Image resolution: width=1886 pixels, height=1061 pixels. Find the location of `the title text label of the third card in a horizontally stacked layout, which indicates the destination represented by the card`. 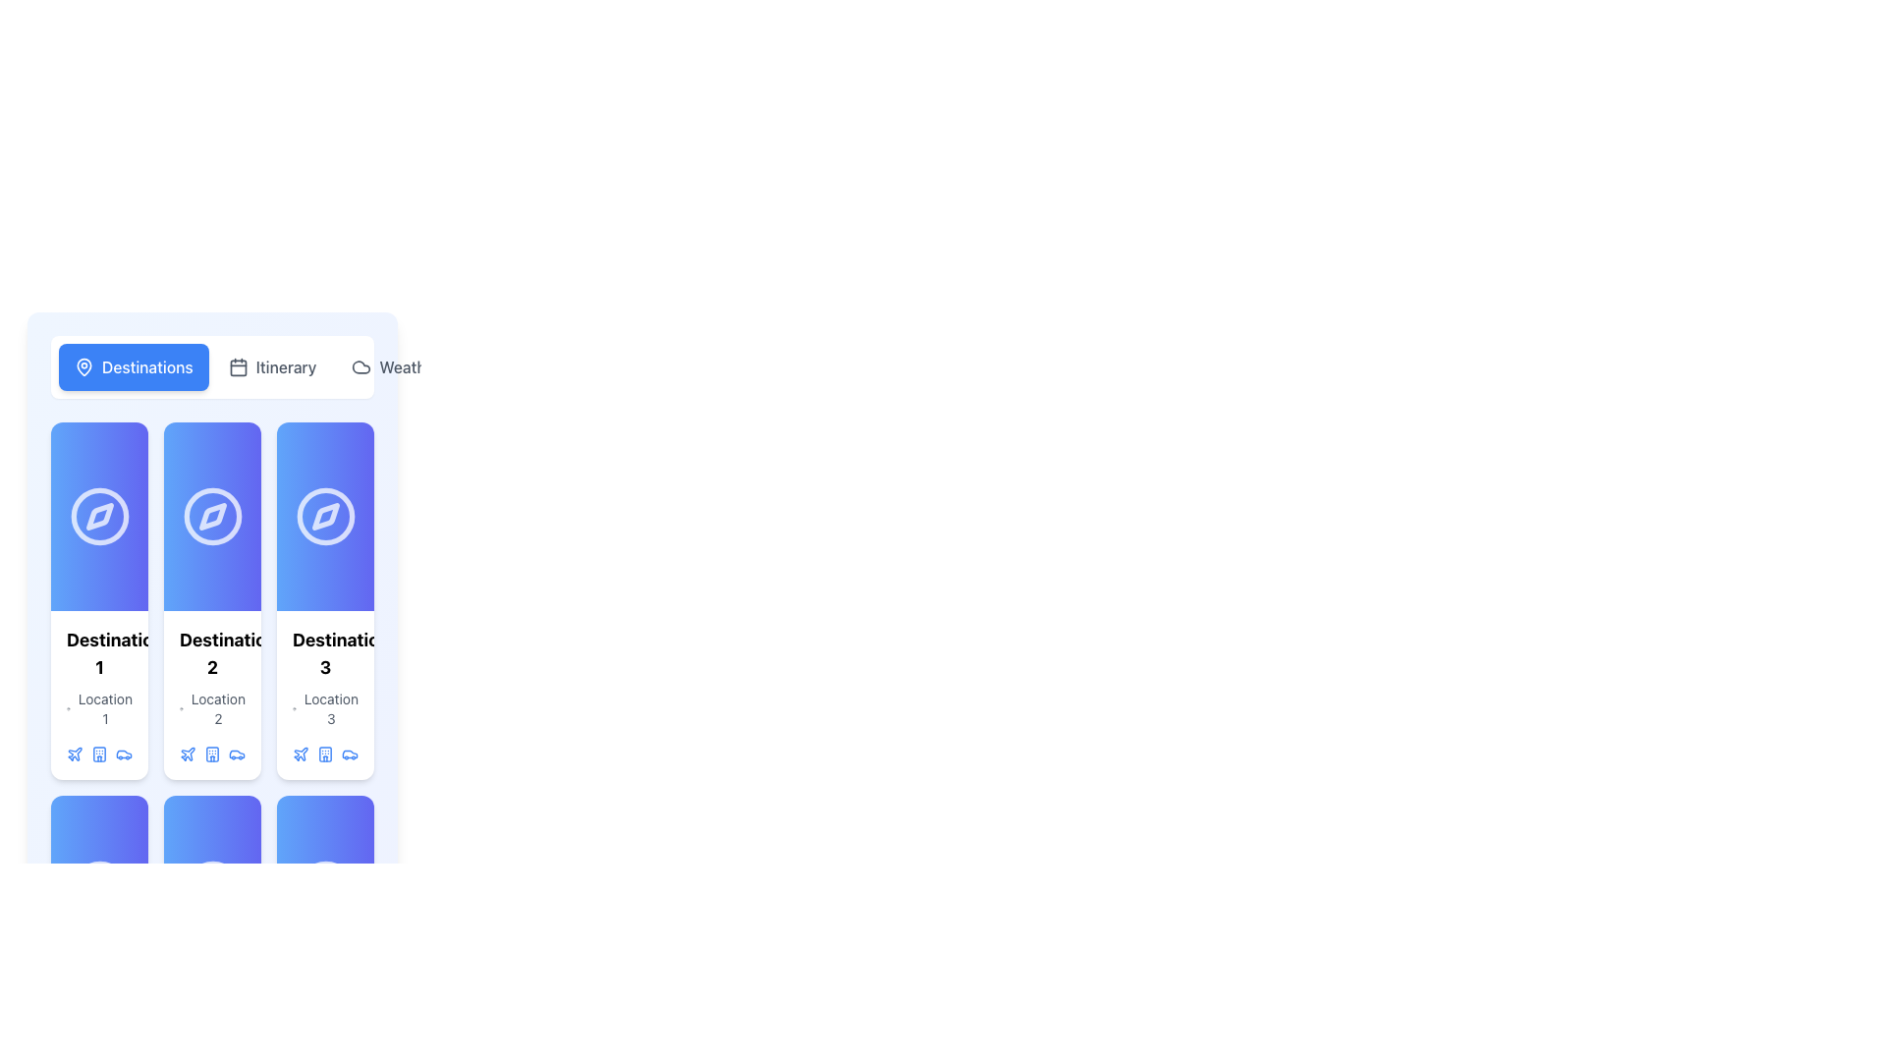

the title text label of the third card in a horizontally stacked layout, which indicates the destination represented by the card is located at coordinates (325, 654).